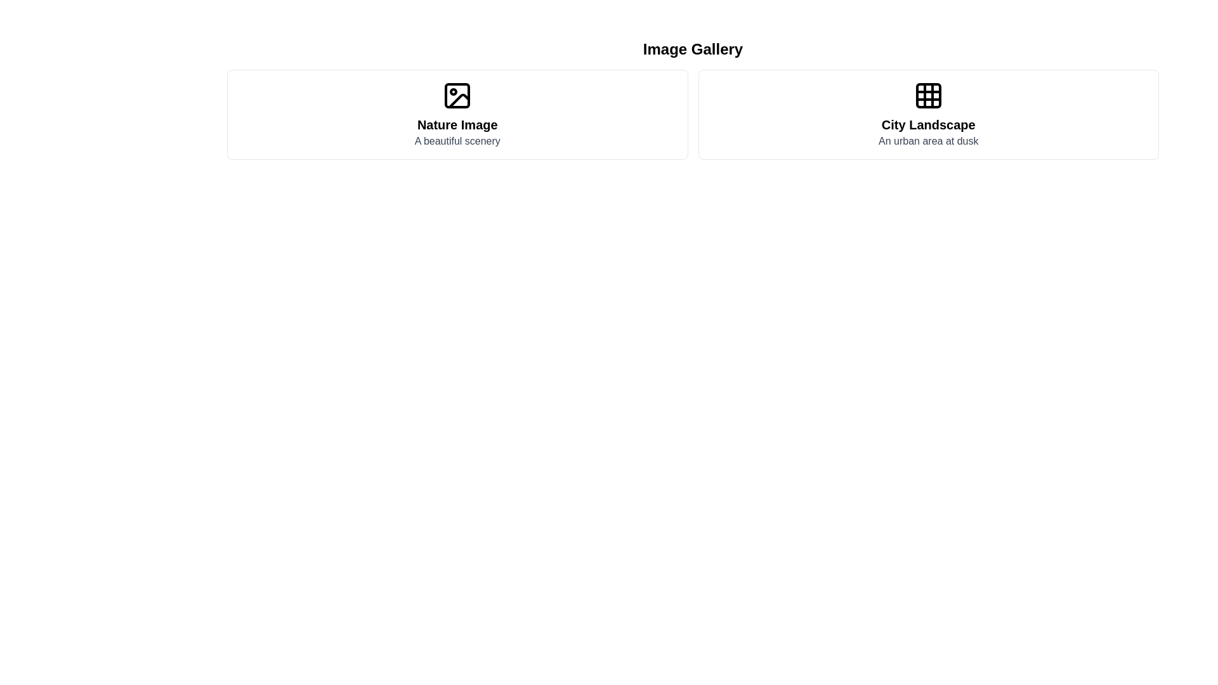 The width and height of the screenshot is (1218, 685). Describe the element at coordinates (928, 115) in the screenshot. I see `the icon in the section representing an urban cityscape at dusk` at that location.